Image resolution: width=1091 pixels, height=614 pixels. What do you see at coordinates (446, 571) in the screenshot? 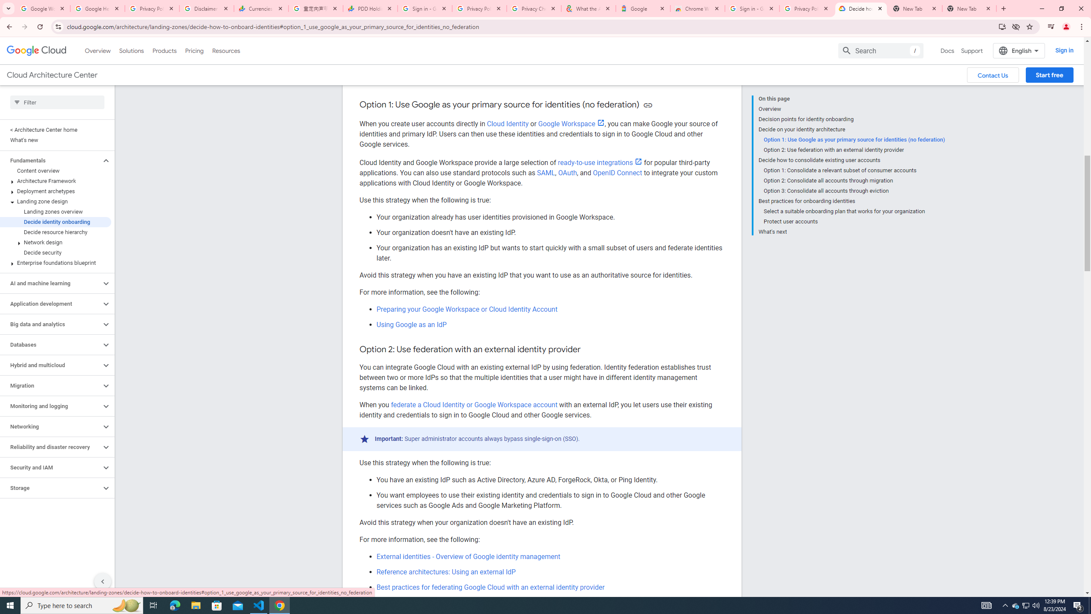
I see `'Reference architectures: Using an external IdP'` at bounding box center [446, 571].